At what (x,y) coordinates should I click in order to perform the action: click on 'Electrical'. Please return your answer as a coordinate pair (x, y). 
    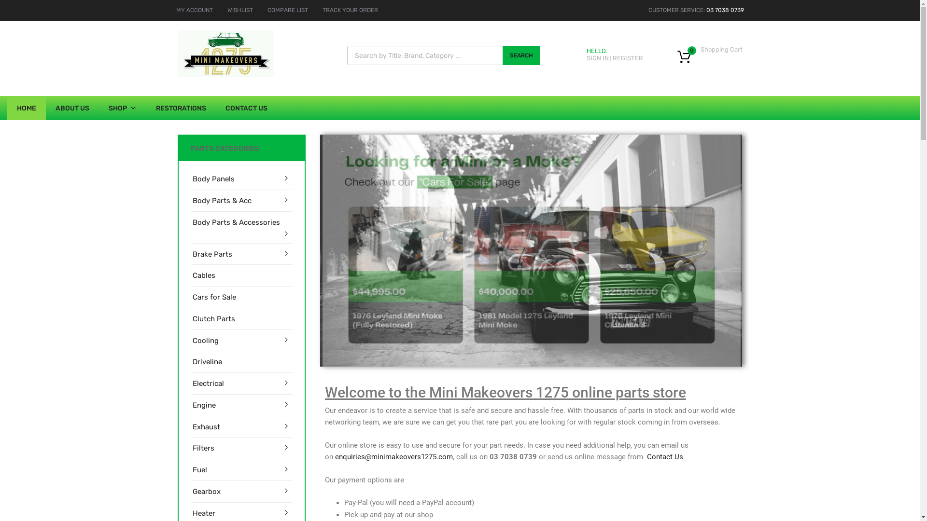
    Looking at the image, I should click on (207, 383).